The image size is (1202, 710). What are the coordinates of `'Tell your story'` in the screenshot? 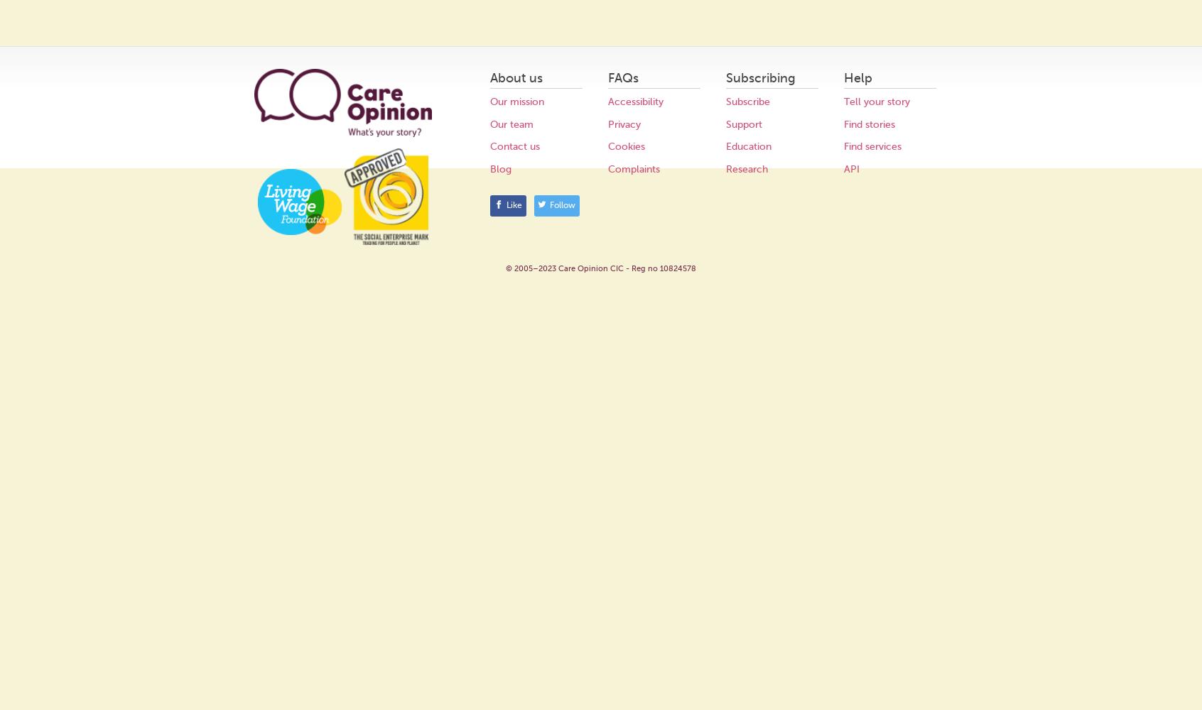 It's located at (877, 102).